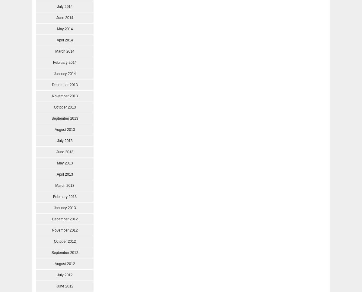  I want to click on 'July 2012', so click(64, 274).